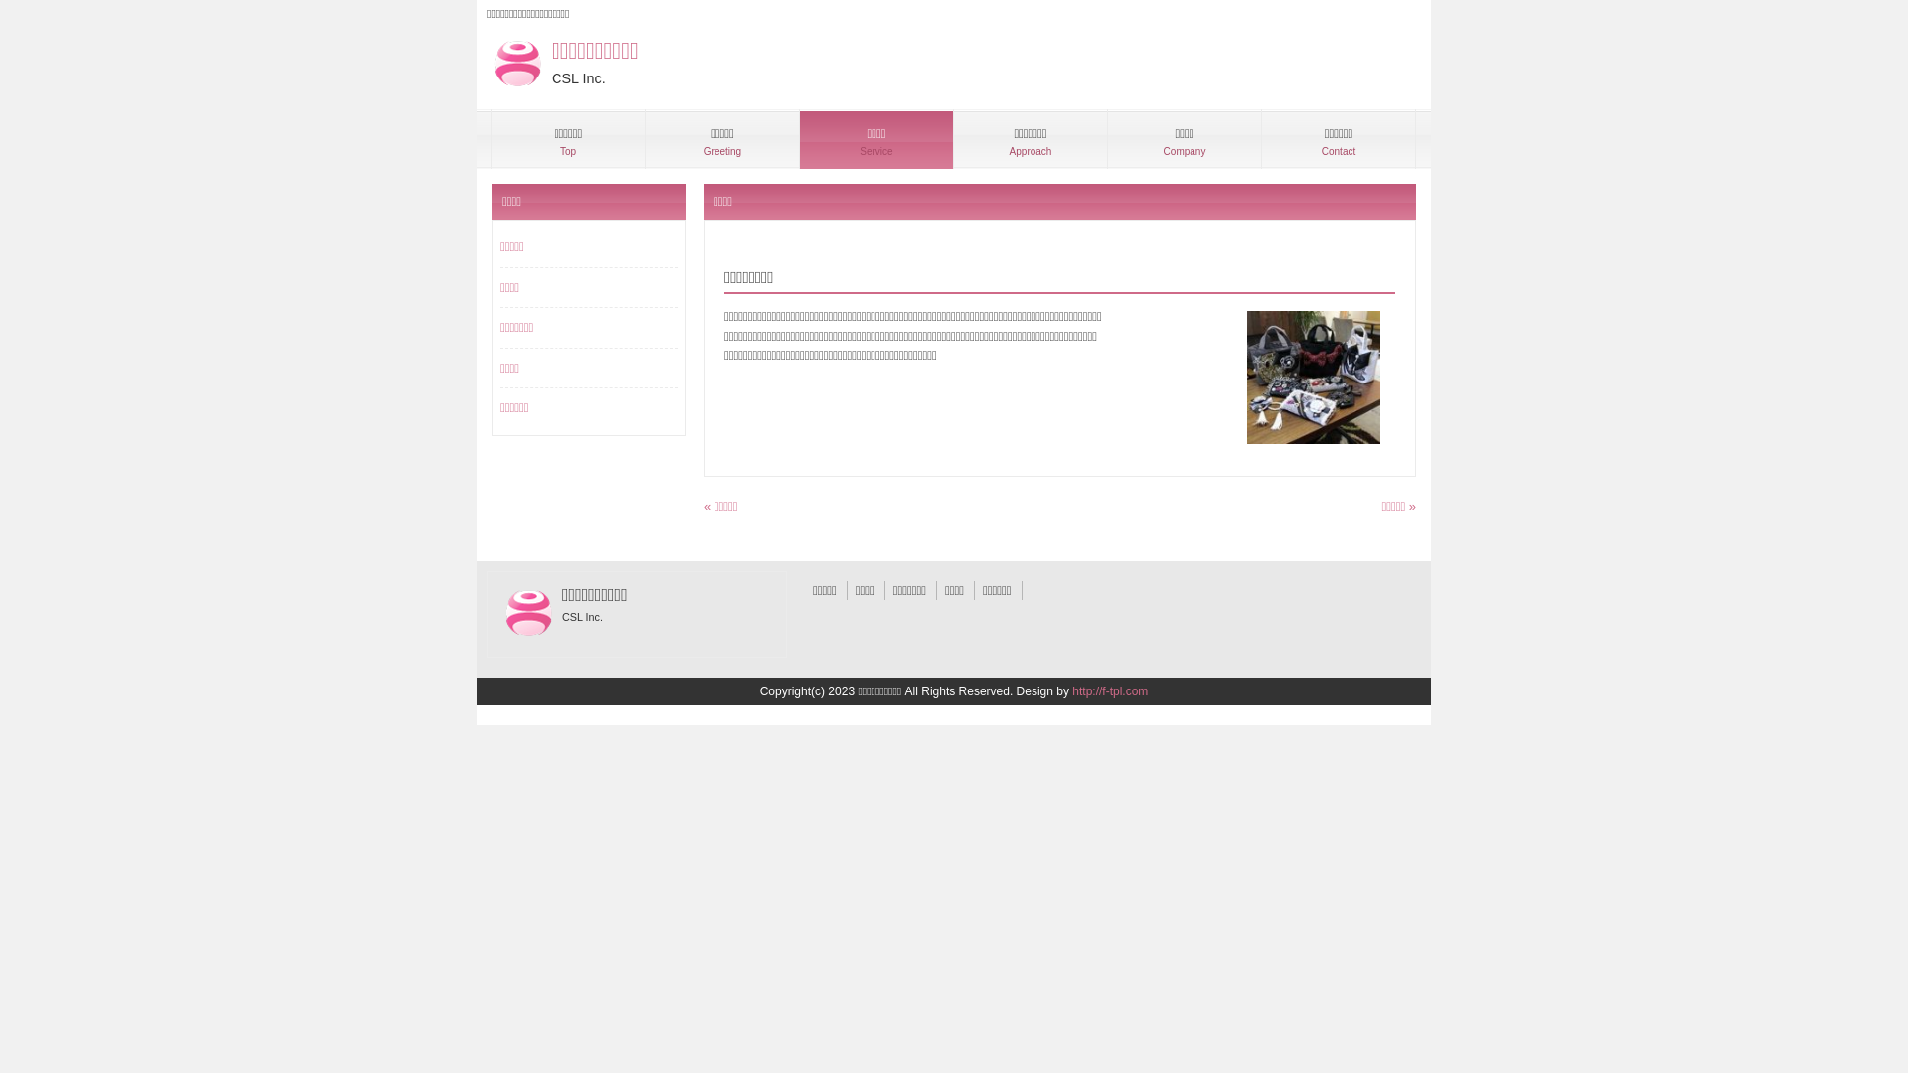 Image resolution: width=1908 pixels, height=1073 pixels. What do you see at coordinates (1109, 690) in the screenshot?
I see `'http://f-tpl.com'` at bounding box center [1109, 690].